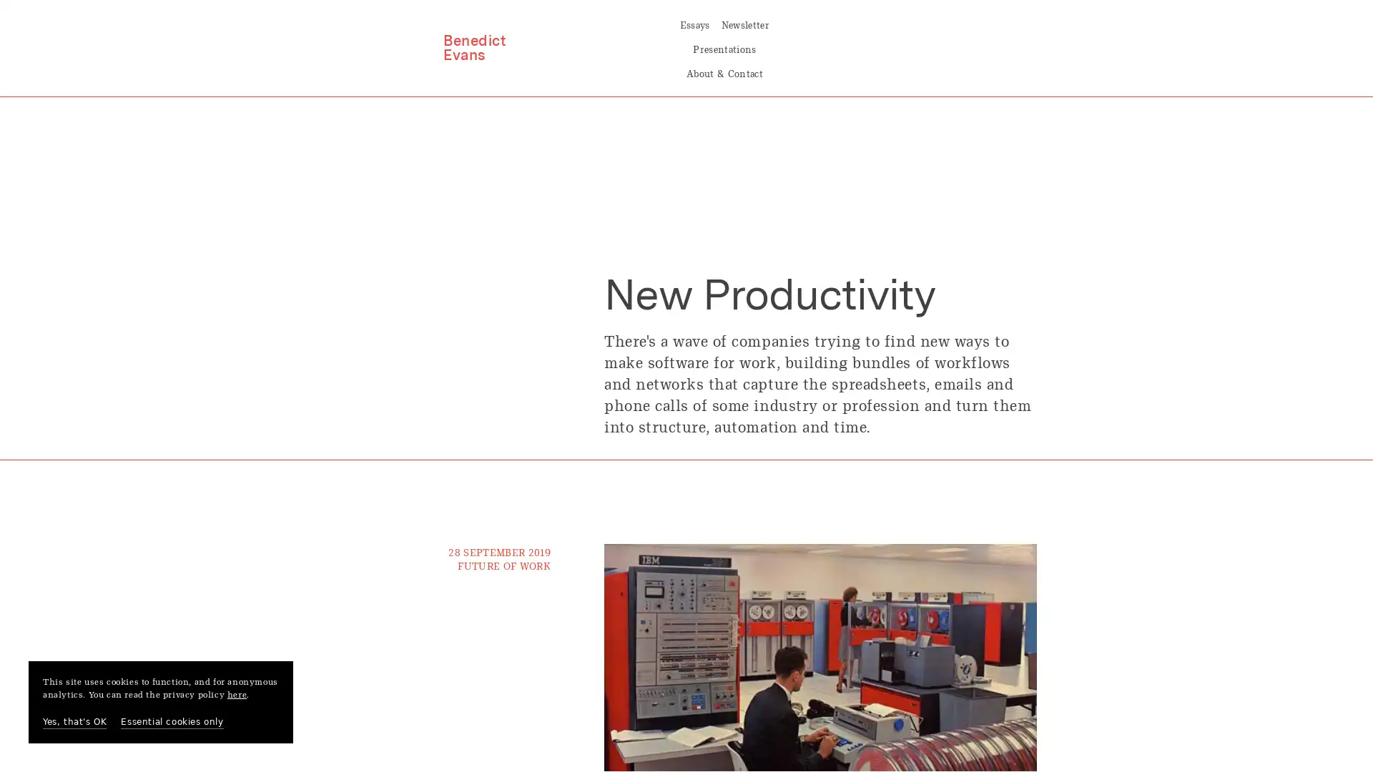 The width and height of the screenshot is (1373, 772). What do you see at coordinates (172, 722) in the screenshot?
I see `Essential cookies only` at bounding box center [172, 722].